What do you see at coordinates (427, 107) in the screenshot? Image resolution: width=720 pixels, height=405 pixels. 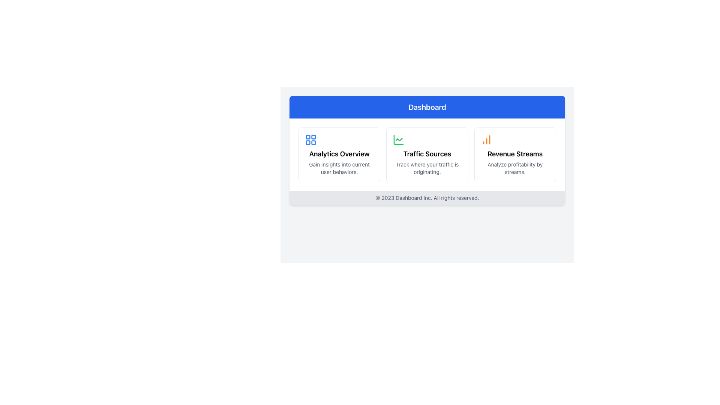 I see `the 'Dashboard' text label, which is styled with a large bold font and located on a blue background in the header bar` at bounding box center [427, 107].